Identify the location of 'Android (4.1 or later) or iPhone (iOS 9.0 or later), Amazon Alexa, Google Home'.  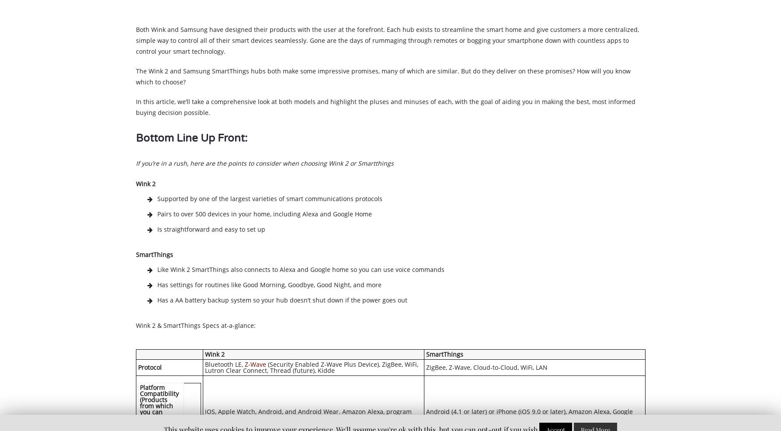
(529, 414).